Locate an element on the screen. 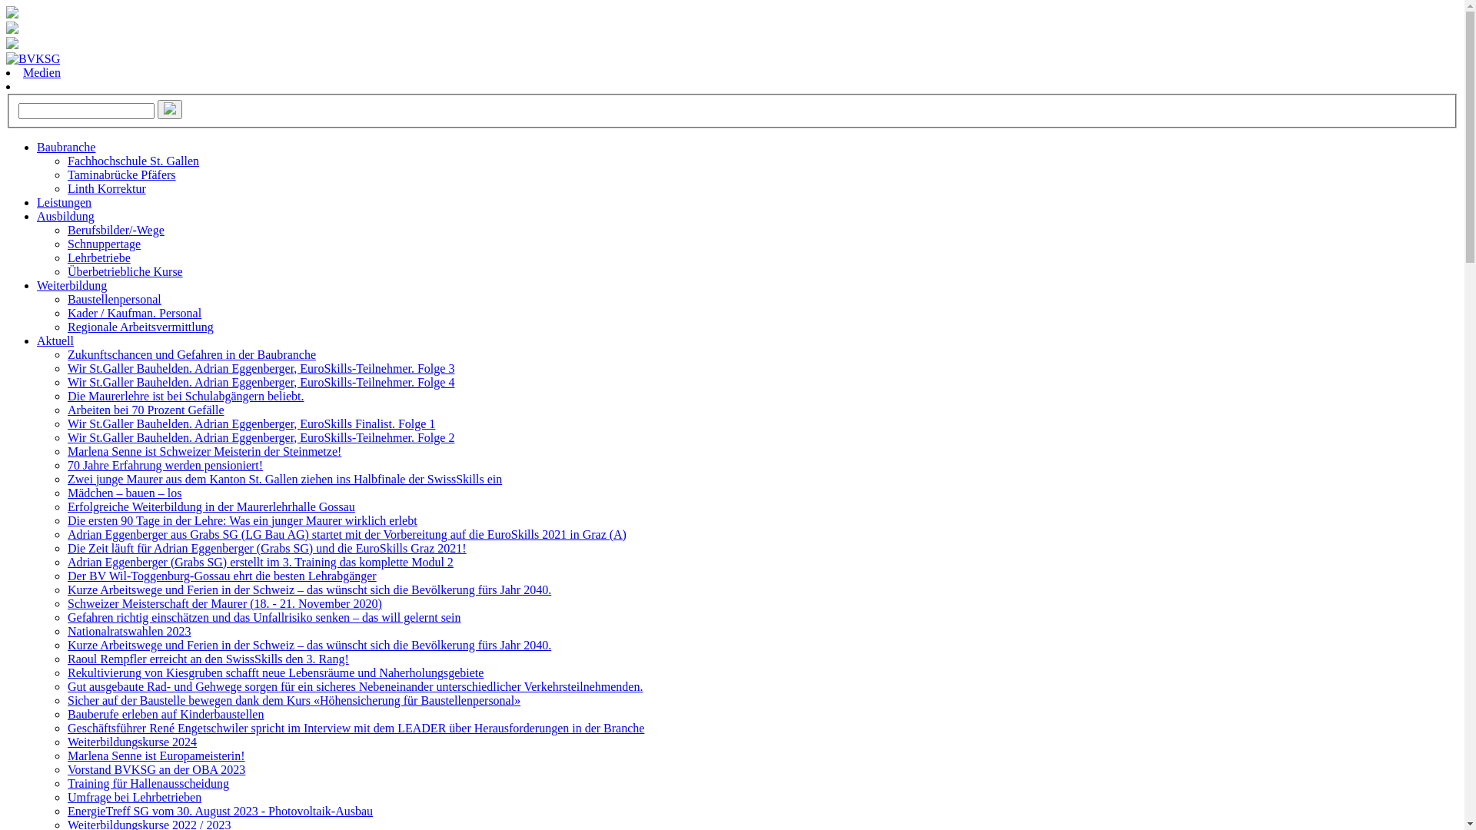  'Marlena Senne ist Europameisterin!' is located at coordinates (66, 755).